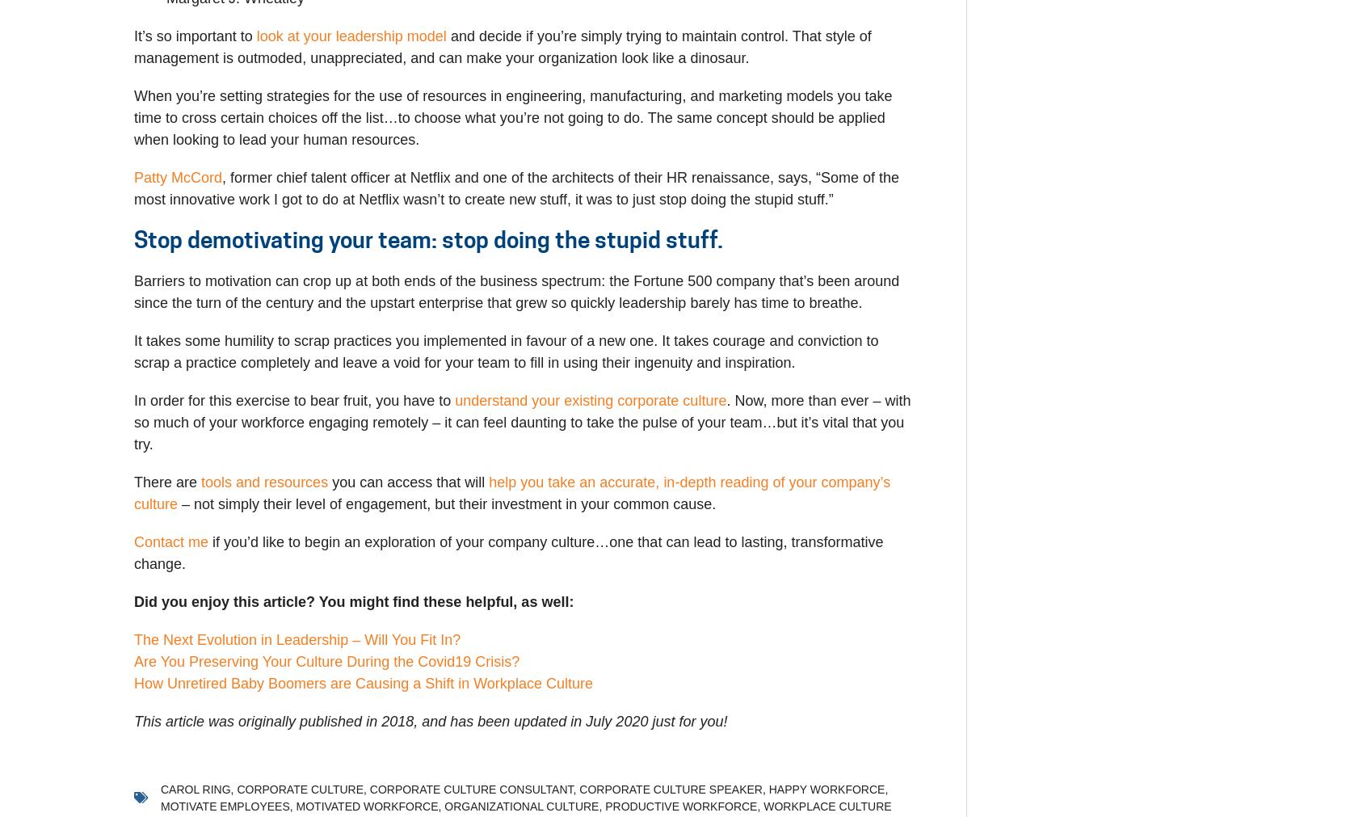 The image size is (1367, 817). Describe the element at coordinates (132, 188) in the screenshot. I see `', former chief talent officer at Netflix and one of the architects of their HR renaissance, says, “Some of the most innovative work I got to do at Netflix wasn’t to create new stuff, it was to just stop doing the stupid stuff.”'` at that location.